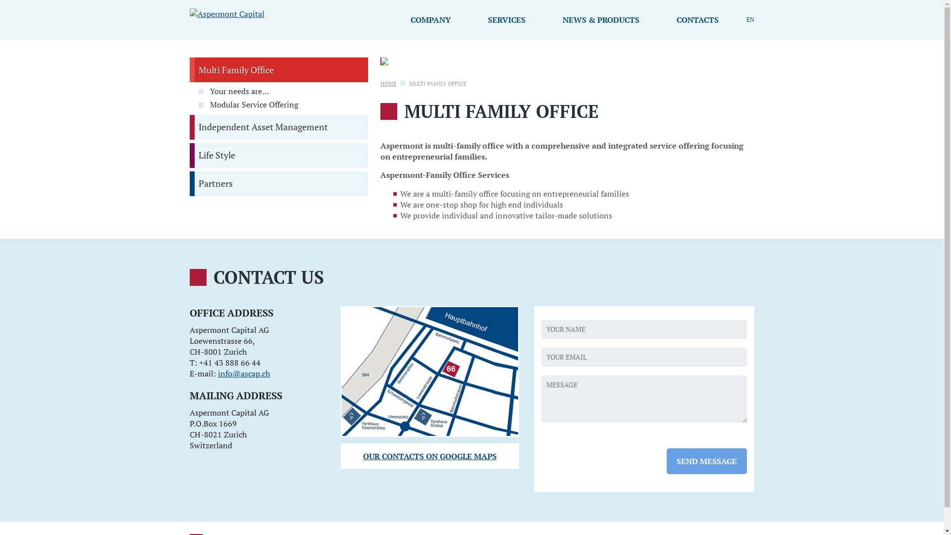 The width and height of the screenshot is (951, 535). Describe the element at coordinates (661, 19) in the screenshot. I see `'CONTACTS'` at that location.